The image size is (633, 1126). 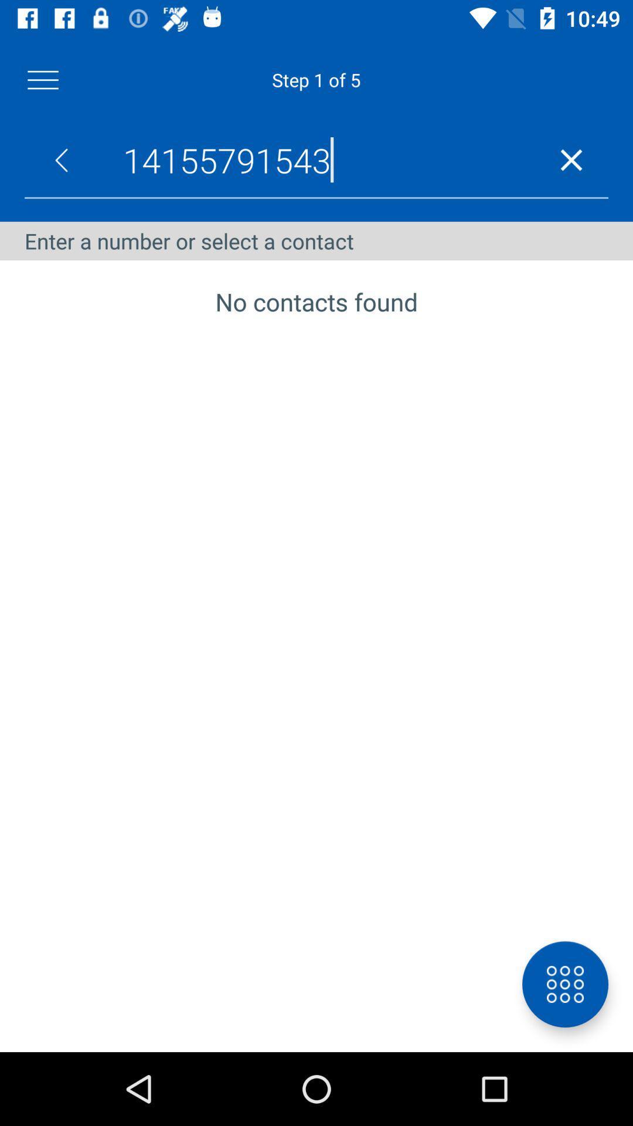 What do you see at coordinates (564, 984) in the screenshot?
I see `the dialpad icon` at bounding box center [564, 984].